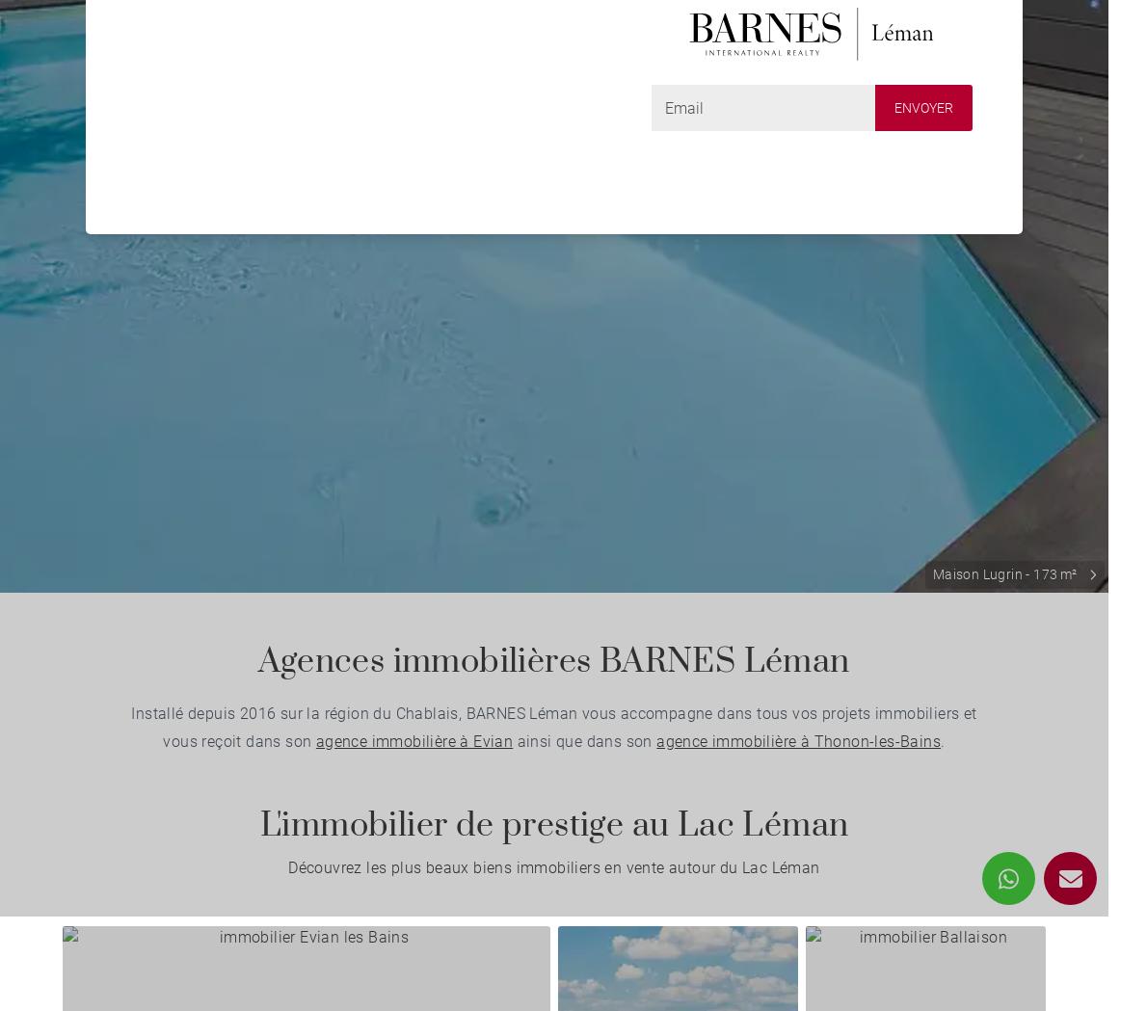  Describe the element at coordinates (553, 865) in the screenshot. I see `'Découvrez les plus beaux biens immobiliers en vente autour du Lac Léman'` at that location.